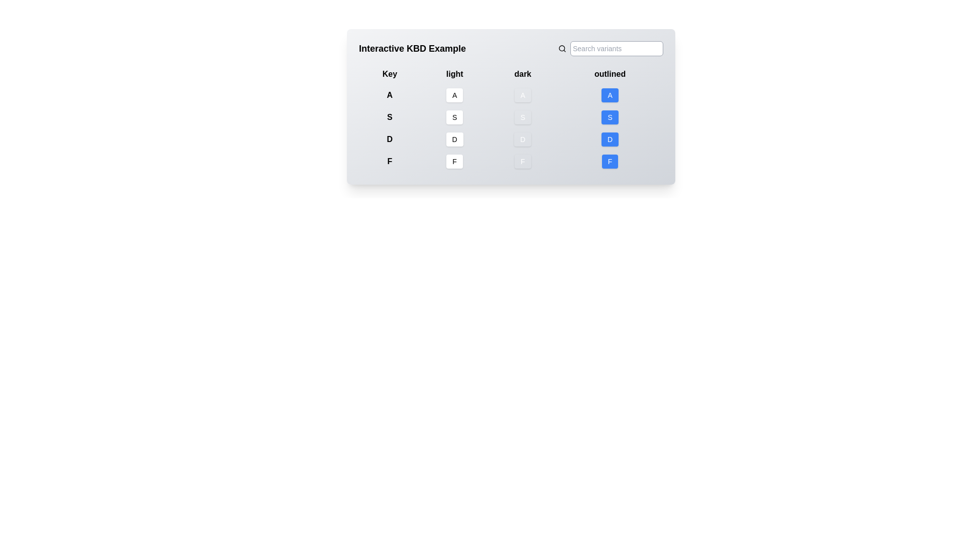  I want to click on the 'S' button in the virtual keyboard interface, so click(610, 117).